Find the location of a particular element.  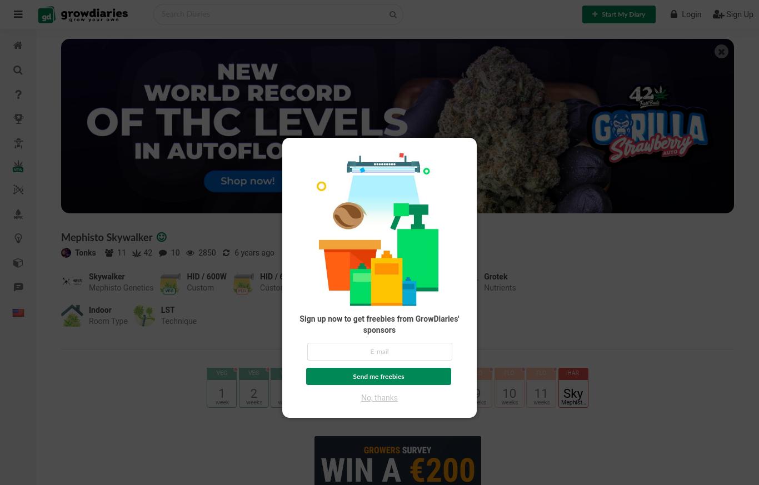

'LST' is located at coordinates (167, 308).